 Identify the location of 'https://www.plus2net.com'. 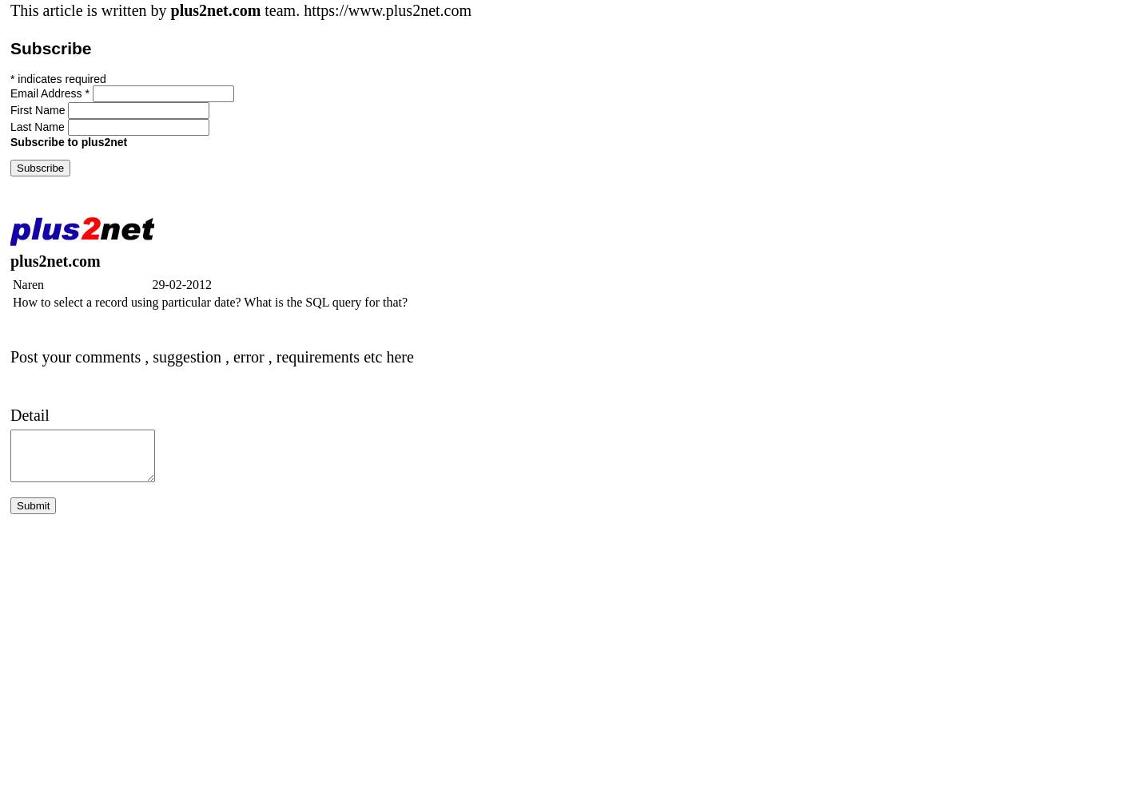
(304, 9).